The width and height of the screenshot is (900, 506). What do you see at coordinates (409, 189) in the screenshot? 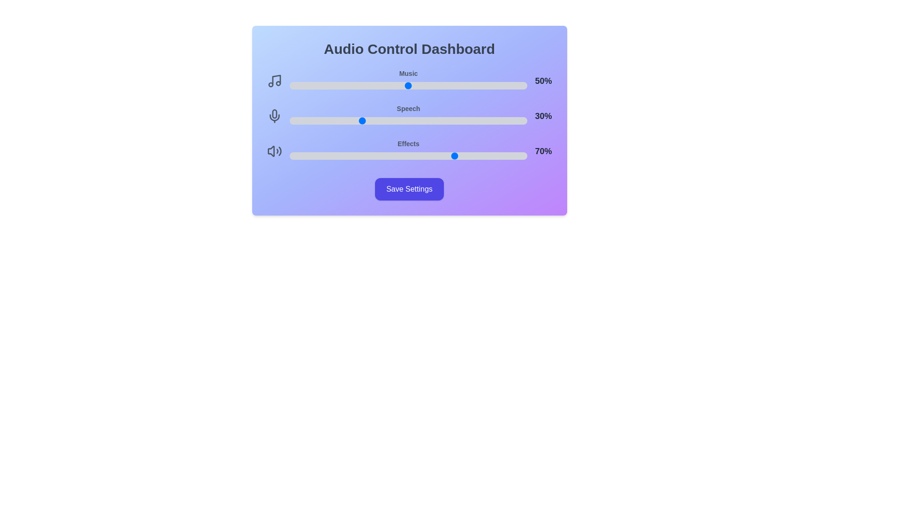
I see `the 'Save Settings' button` at bounding box center [409, 189].